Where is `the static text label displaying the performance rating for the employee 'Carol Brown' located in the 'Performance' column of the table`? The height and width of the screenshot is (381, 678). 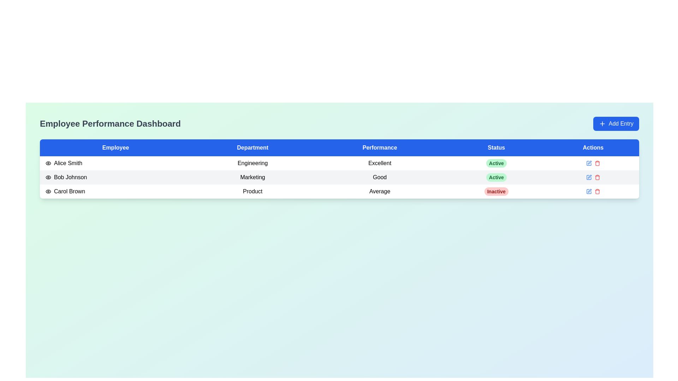
the static text label displaying the performance rating for the employee 'Carol Brown' located in the 'Performance' column of the table is located at coordinates (379, 192).